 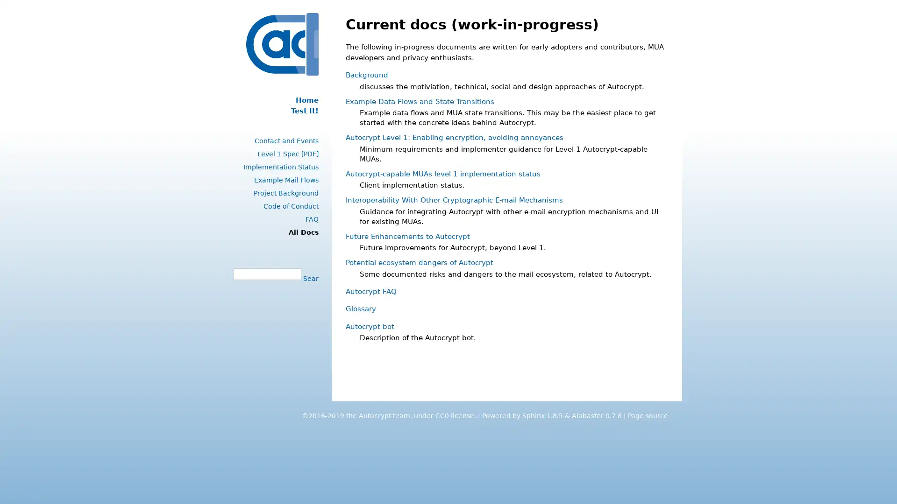 What do you see at coordinates (309, 278) in the screenshot?
I see `Search` at bounding box center [309, 278].